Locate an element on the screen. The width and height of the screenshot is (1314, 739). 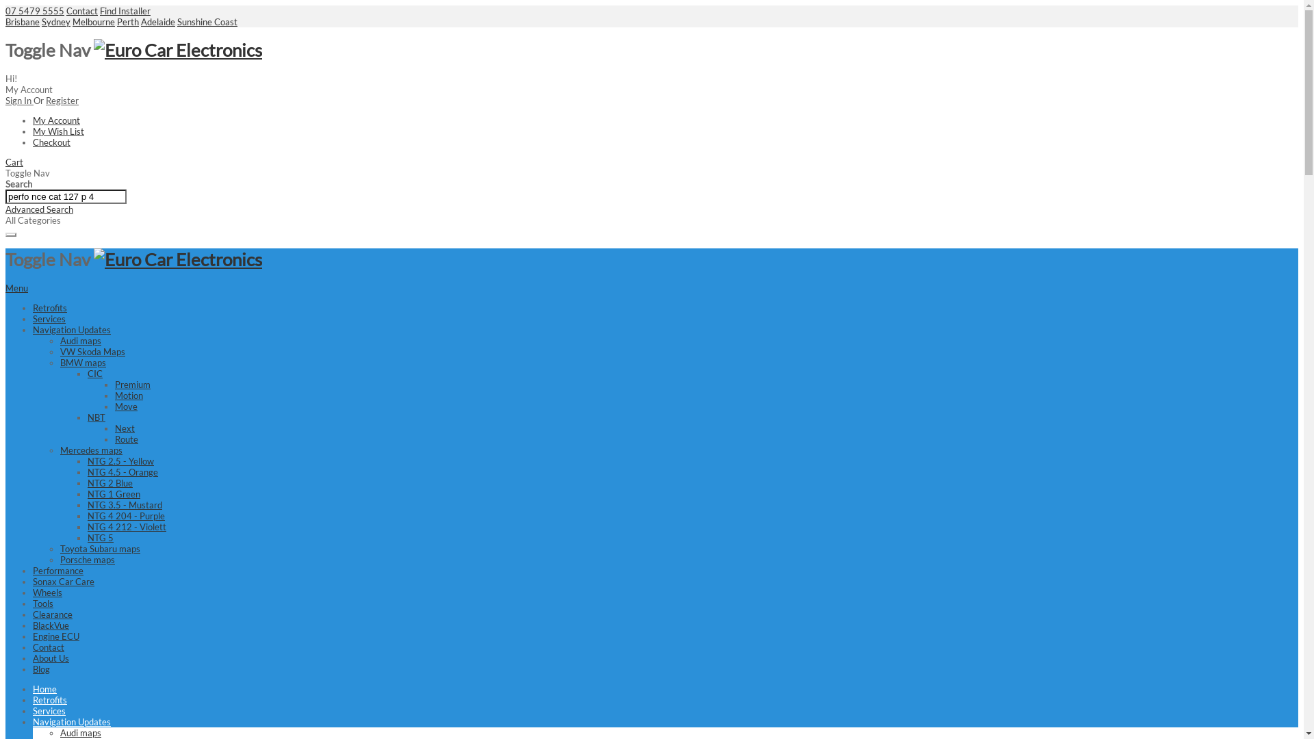
'Audi maps' is located at coordinates (59, 339).